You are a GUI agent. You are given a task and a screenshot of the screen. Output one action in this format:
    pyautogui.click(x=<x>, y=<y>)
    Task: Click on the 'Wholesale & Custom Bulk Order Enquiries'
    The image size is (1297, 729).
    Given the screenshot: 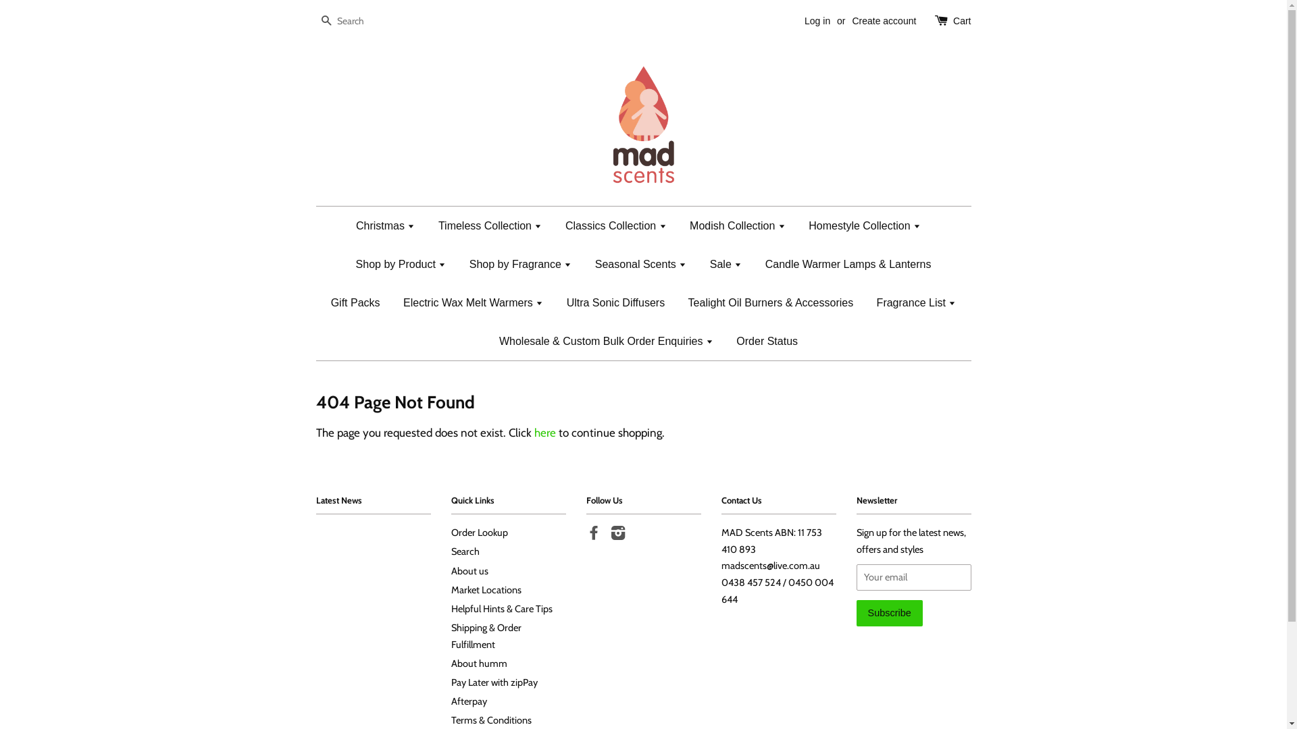 What is the action you would take?
    pyautogui.click(x=605, y=340)
    